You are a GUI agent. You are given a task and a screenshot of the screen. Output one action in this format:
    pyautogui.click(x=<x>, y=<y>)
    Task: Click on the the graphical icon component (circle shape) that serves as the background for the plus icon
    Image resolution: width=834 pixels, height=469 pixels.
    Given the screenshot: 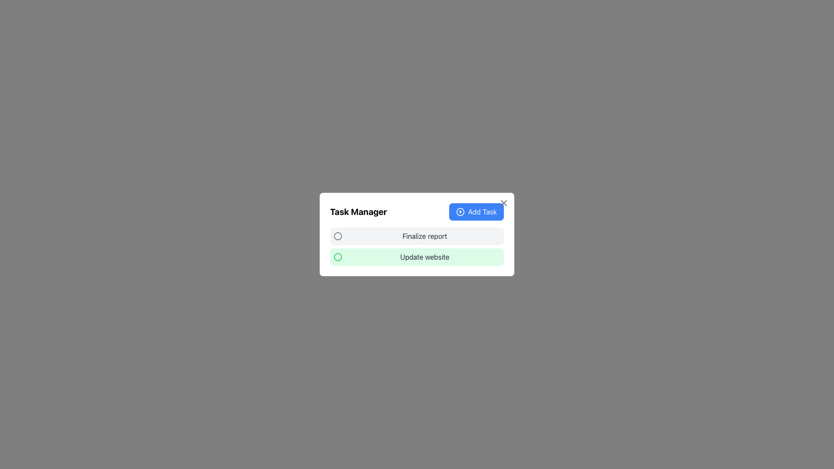 What is the action you would take?
    pyautogui.click(x=460, y=212)
    